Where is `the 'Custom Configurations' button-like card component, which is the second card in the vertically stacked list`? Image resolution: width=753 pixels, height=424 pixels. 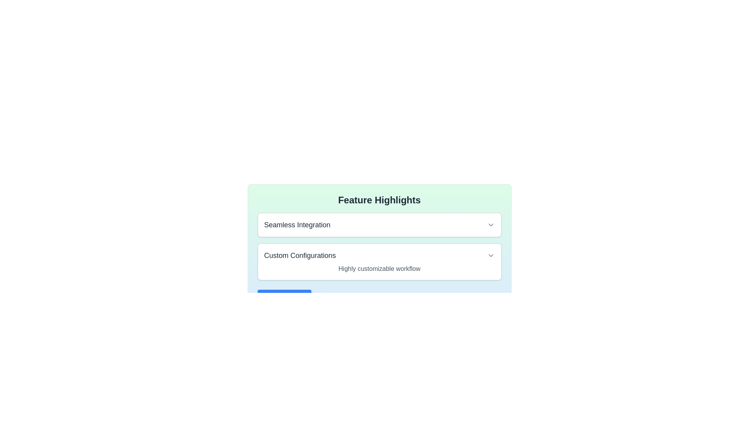
the 'Custom Configurations' button-like card component, which is the second card in the vertically stacked list is located at coordinates (379, 262).